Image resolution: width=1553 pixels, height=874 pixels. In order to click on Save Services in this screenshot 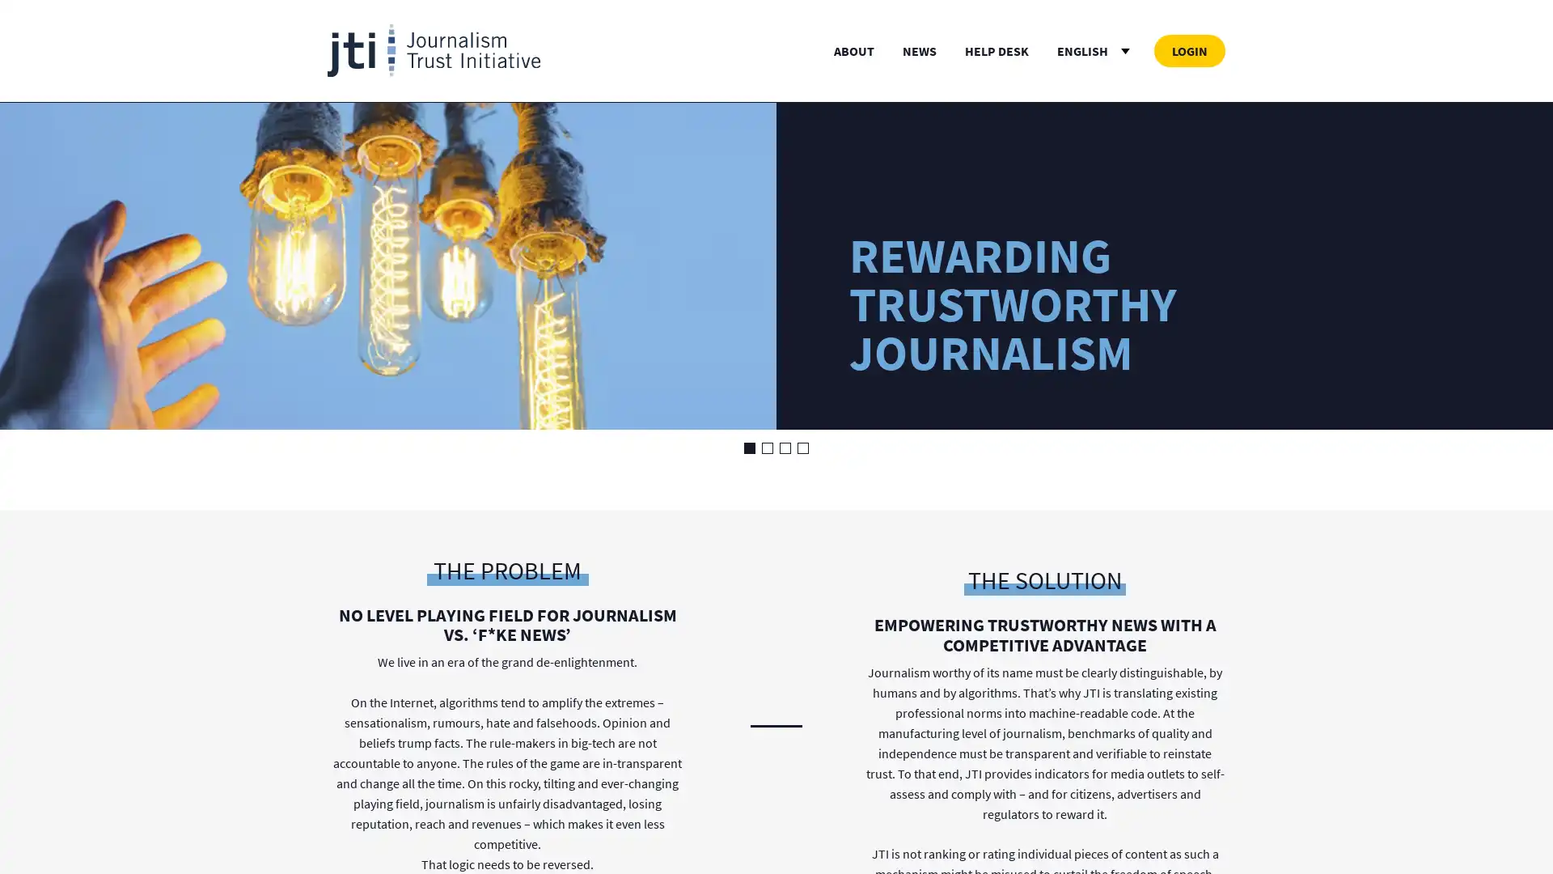, I will do `click(616, 529)`.